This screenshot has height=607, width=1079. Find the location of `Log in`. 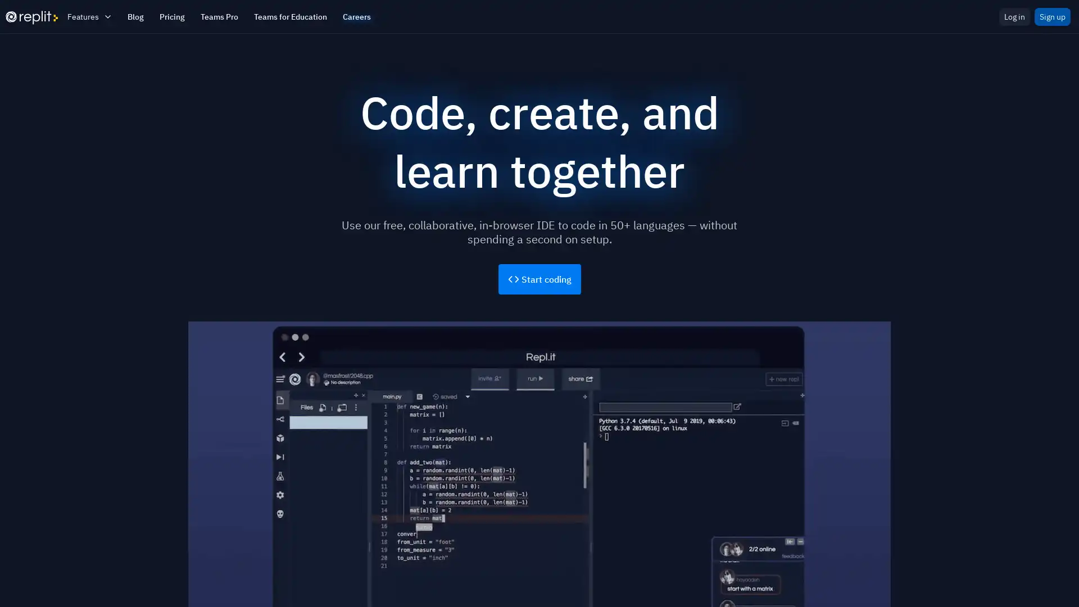

Log in is located at coordinates (1014, 17).